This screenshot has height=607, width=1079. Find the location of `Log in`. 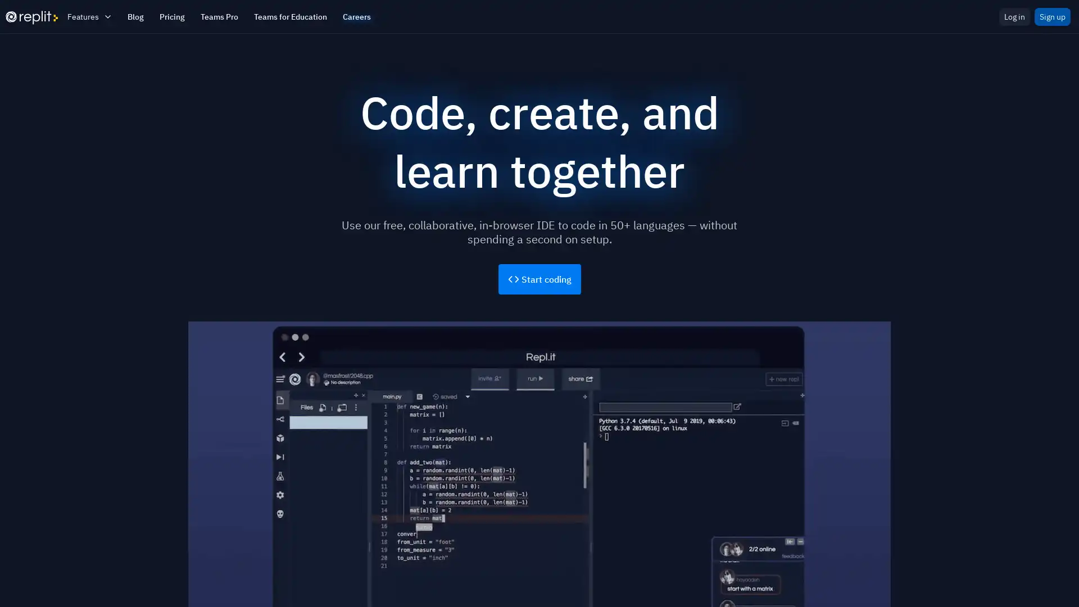

Log in is located at coordinates (1014, 17).